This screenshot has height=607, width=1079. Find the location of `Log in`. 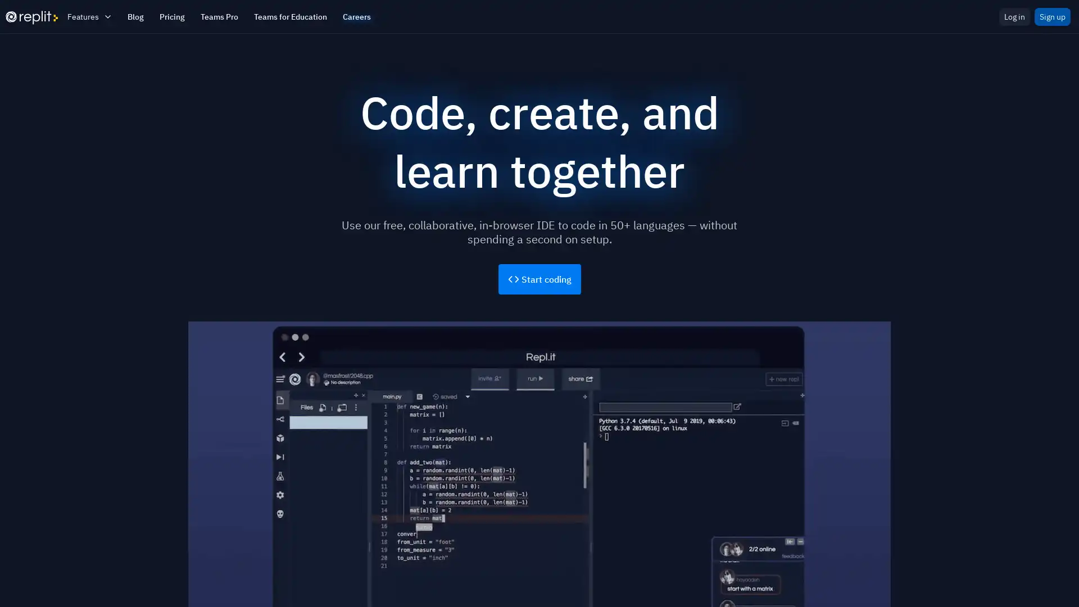

Log in is located at coordinates (1014, 17).